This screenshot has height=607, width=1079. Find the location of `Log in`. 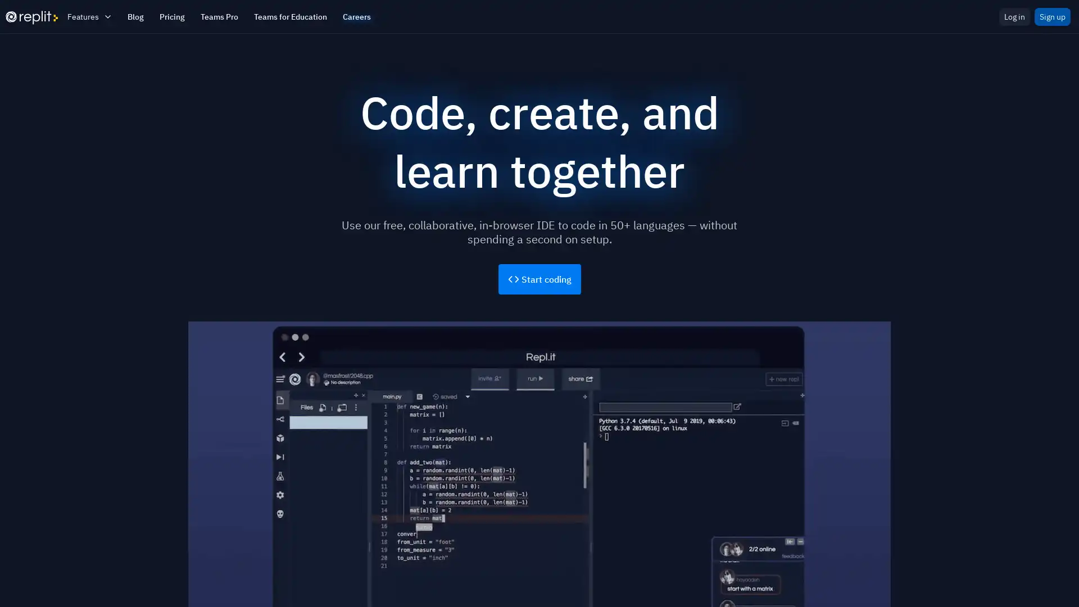

Log in is located at coordinates (1014, 17).